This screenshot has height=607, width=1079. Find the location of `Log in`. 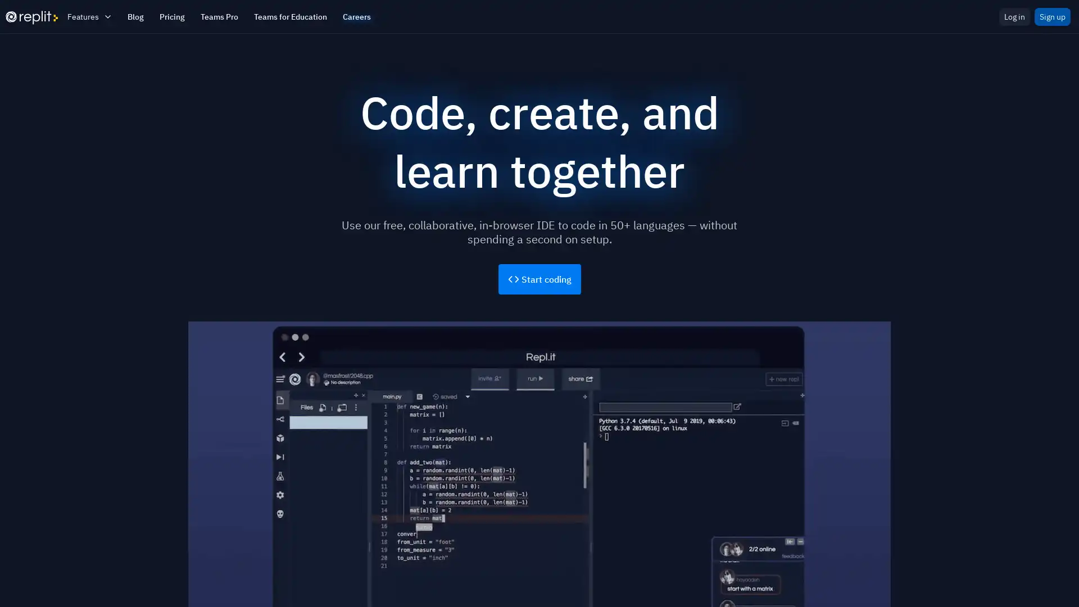

Log in is located at coordinates (1014, 17).